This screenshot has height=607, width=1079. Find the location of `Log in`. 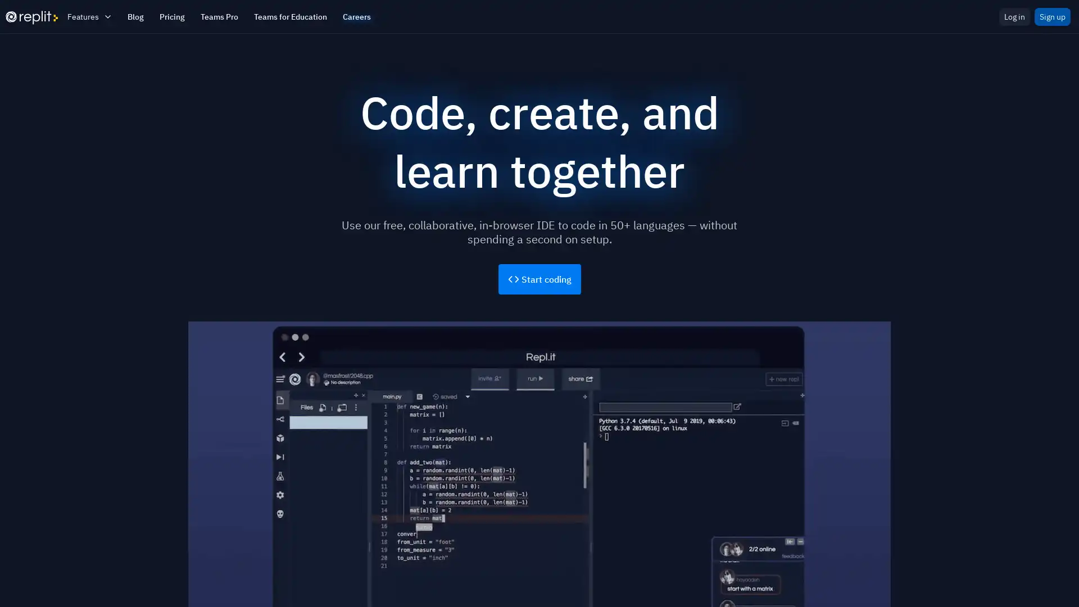

Log in is located at coordinates (1014, 17).